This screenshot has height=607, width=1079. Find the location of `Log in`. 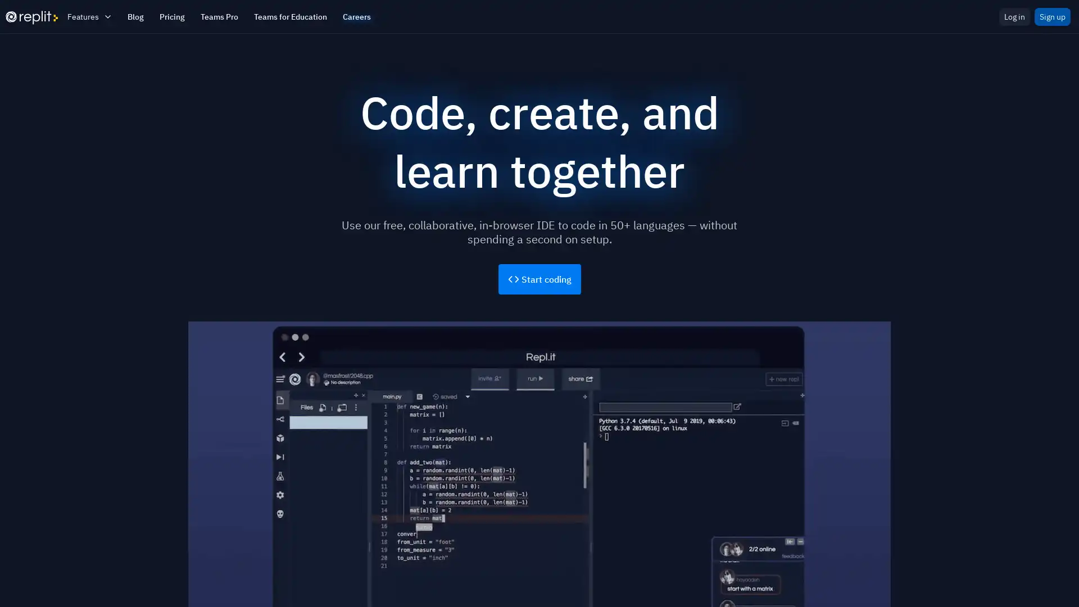

Log in is located at coordinates (1014, 17).